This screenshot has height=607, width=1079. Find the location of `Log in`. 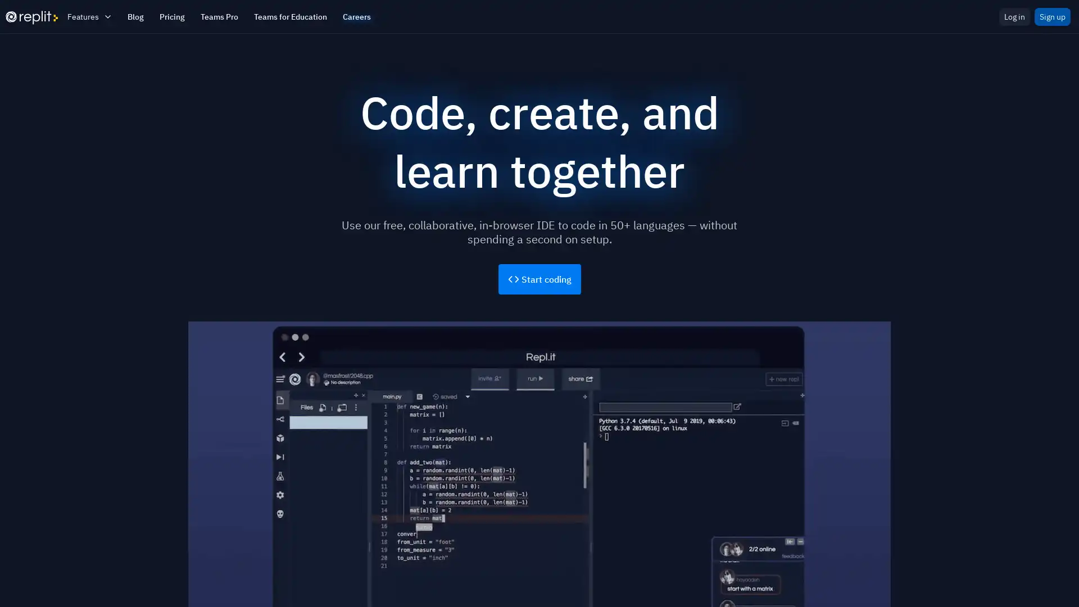

Log in is located at coordinates (1014, 17).